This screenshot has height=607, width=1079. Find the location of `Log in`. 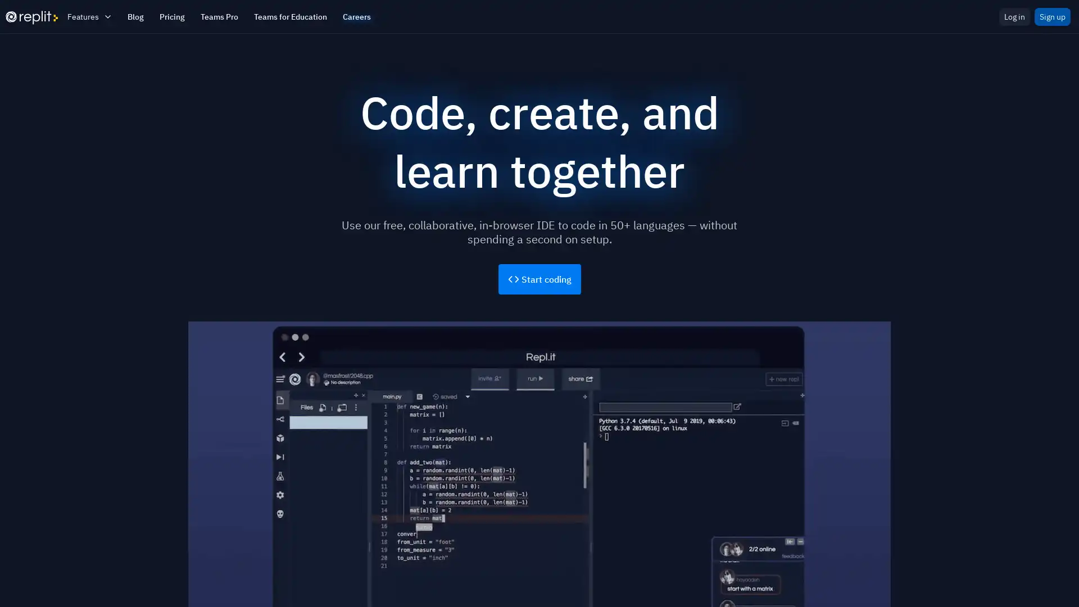

Log in is located at coordinates (1014, 17).